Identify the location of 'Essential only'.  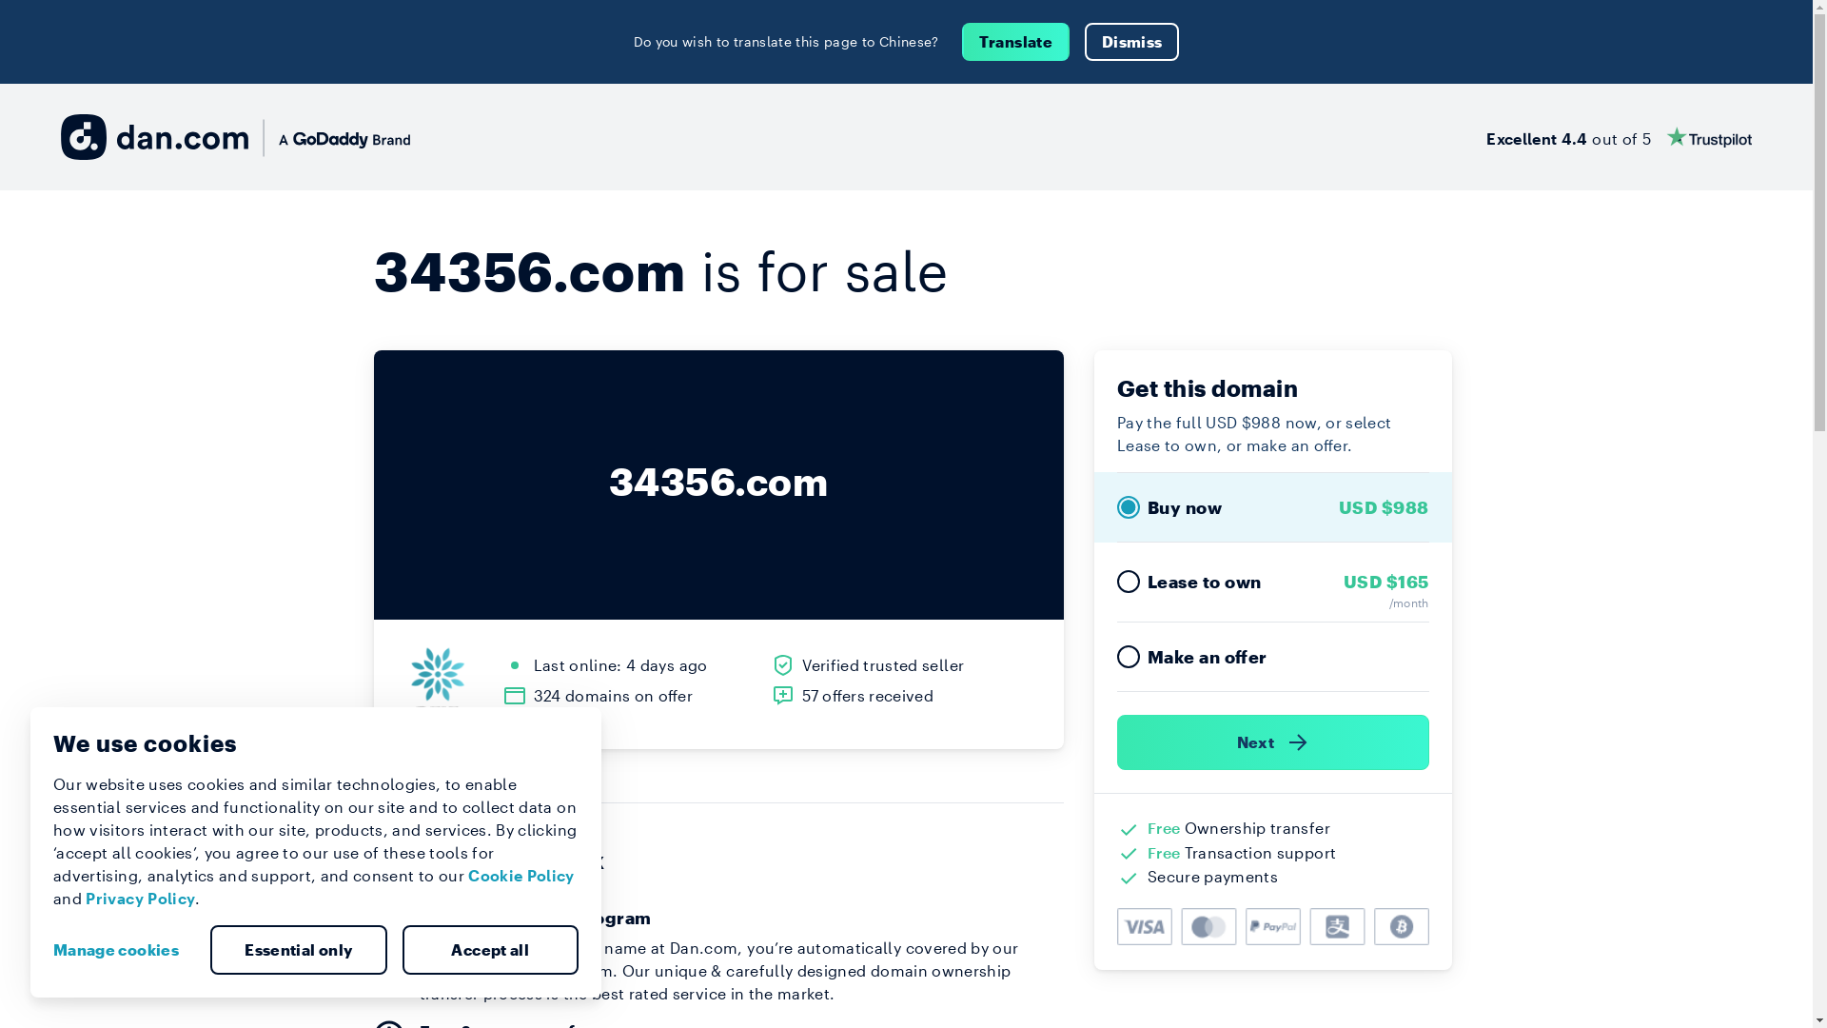
(297, 950).